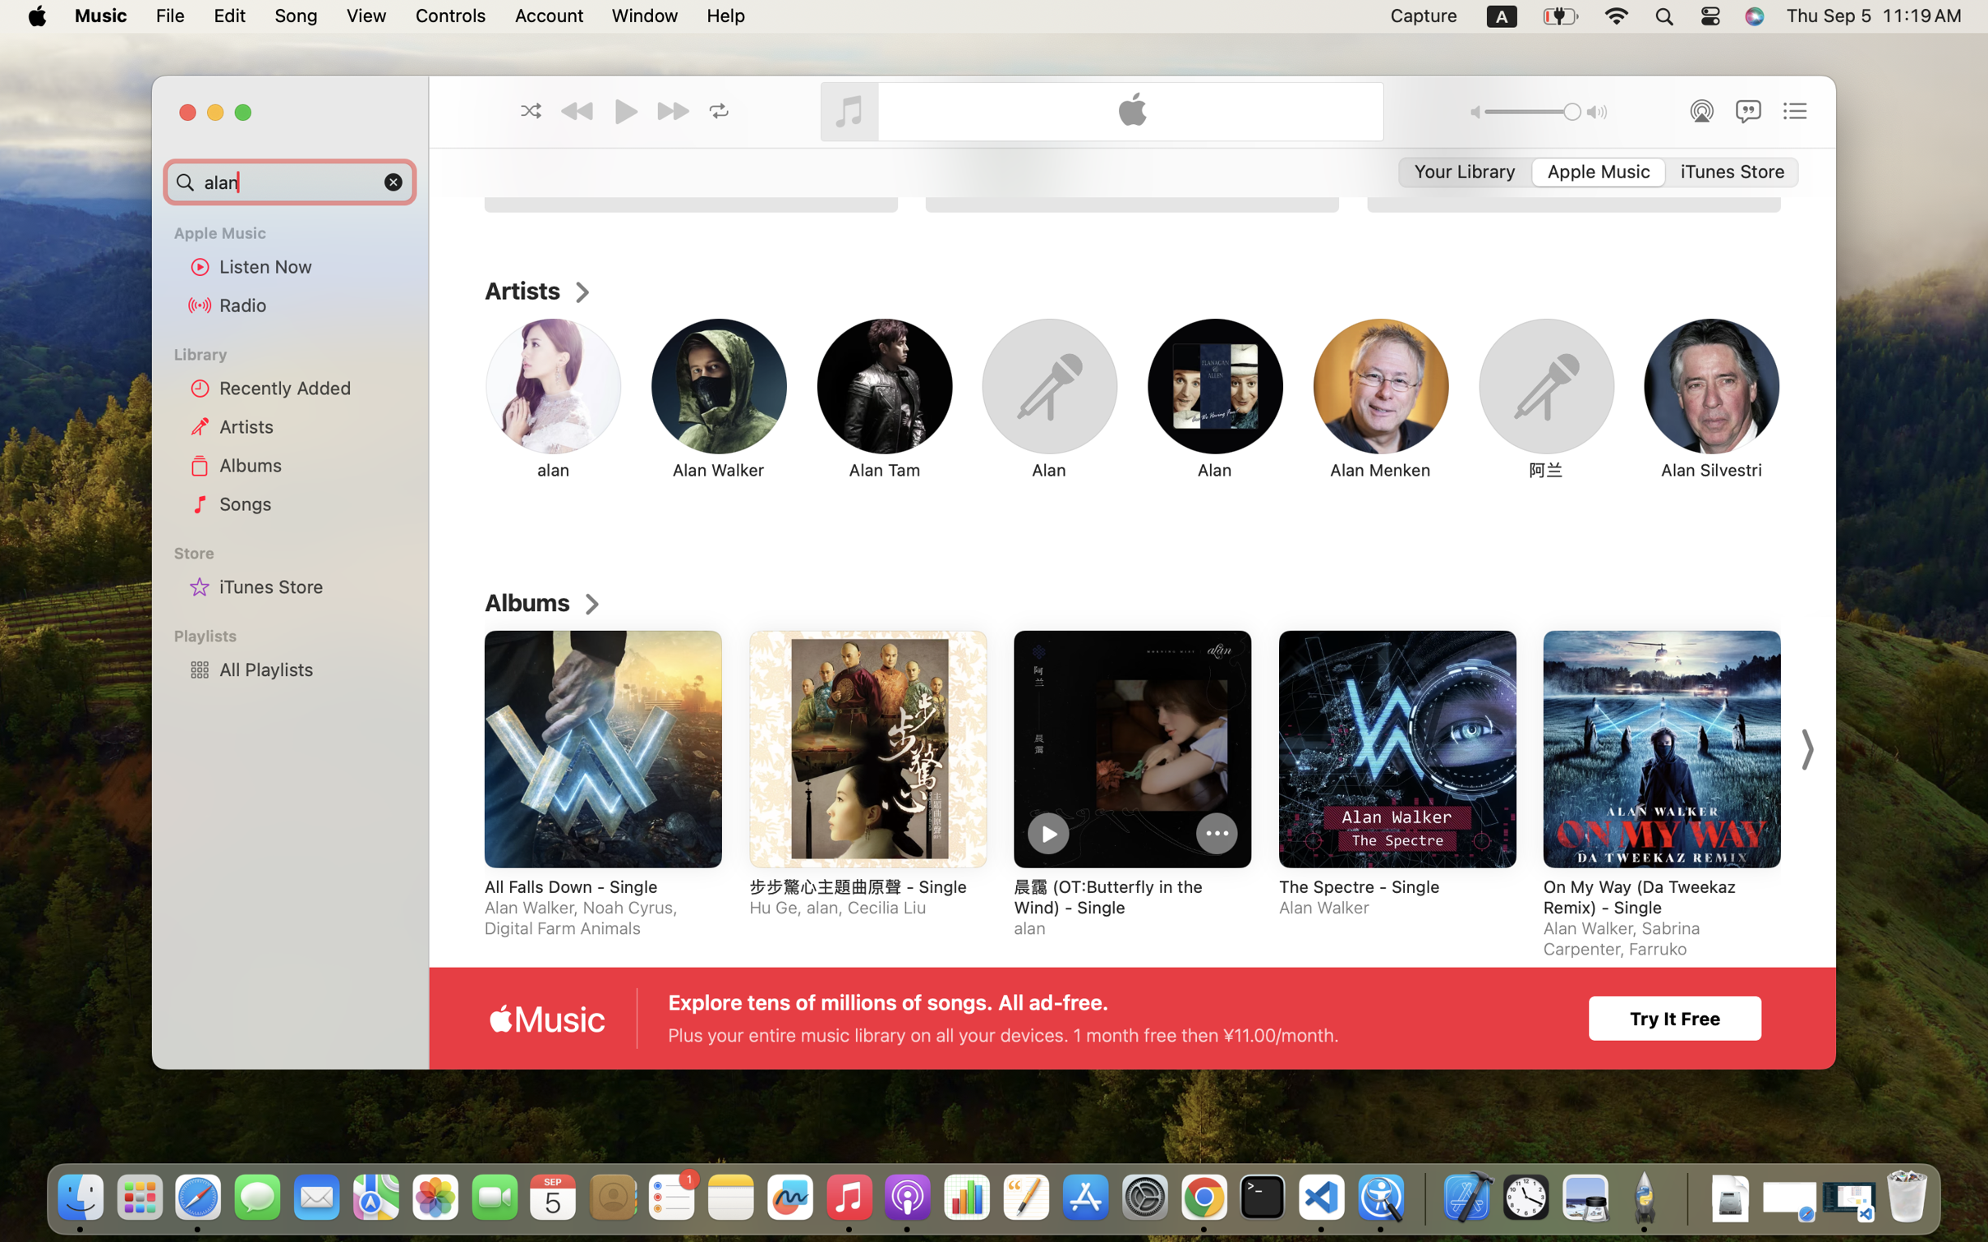  What do you see at coordinates (311, 503) in the screenshot?
I see `'Songs'` at bounding box center [311, 503].